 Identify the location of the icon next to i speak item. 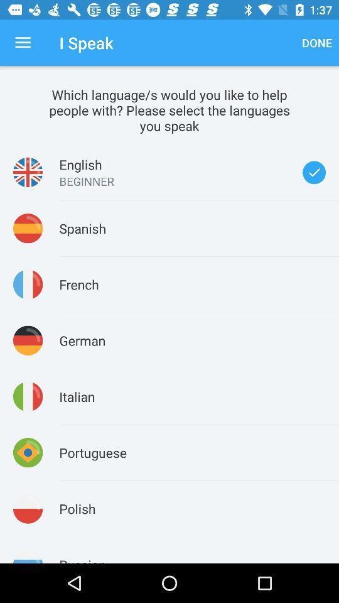
(316, 43).